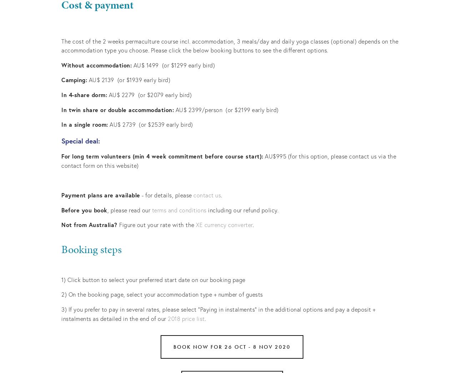  I want to click on 'Without accommodation:', so click(96, 65).